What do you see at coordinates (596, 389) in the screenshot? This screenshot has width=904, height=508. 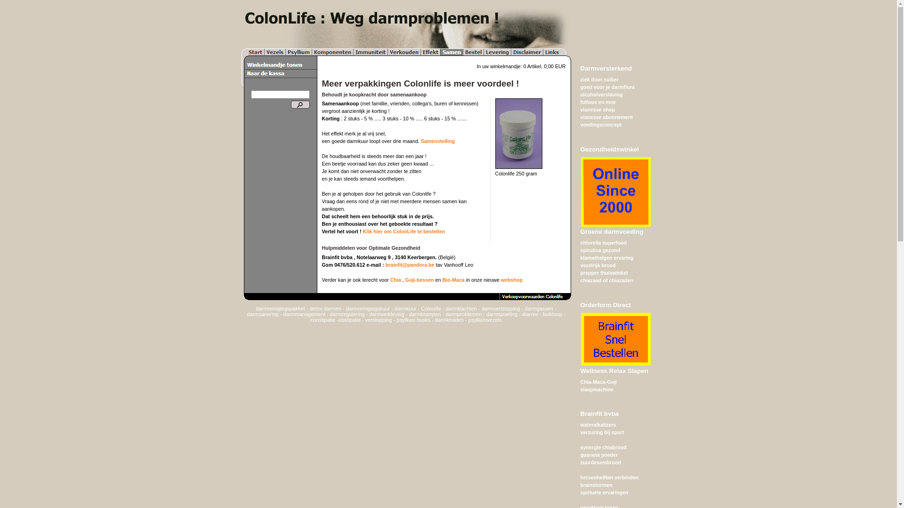 I see `'slaapmachine'` at bounding box center [596, 389].